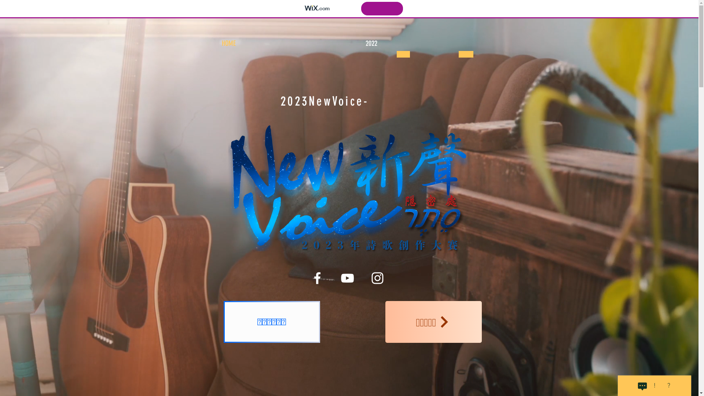 This screenshot has width=704, height=396. What do you see at coordinates (228, 43) in the screenshot?
I see `'HOME'` at bounding box center [228, 43].